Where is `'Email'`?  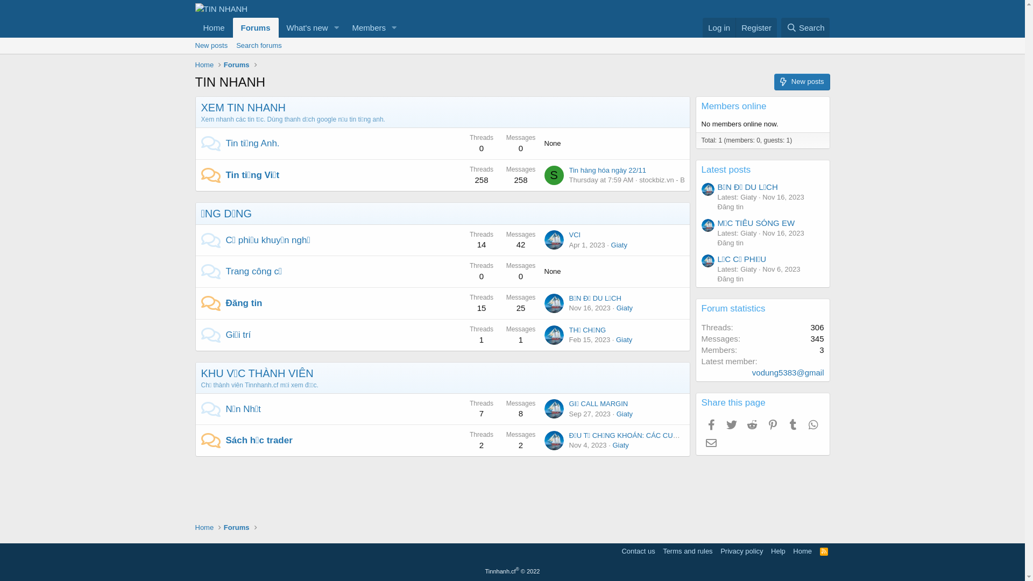
'Email' is located at coordinates (711, 442).